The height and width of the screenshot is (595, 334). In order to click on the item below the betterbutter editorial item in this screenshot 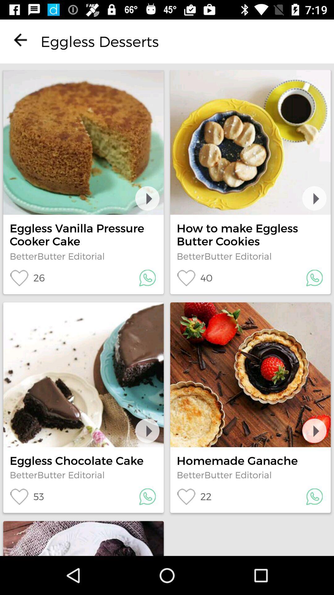, I will do `click(27, 278)`.